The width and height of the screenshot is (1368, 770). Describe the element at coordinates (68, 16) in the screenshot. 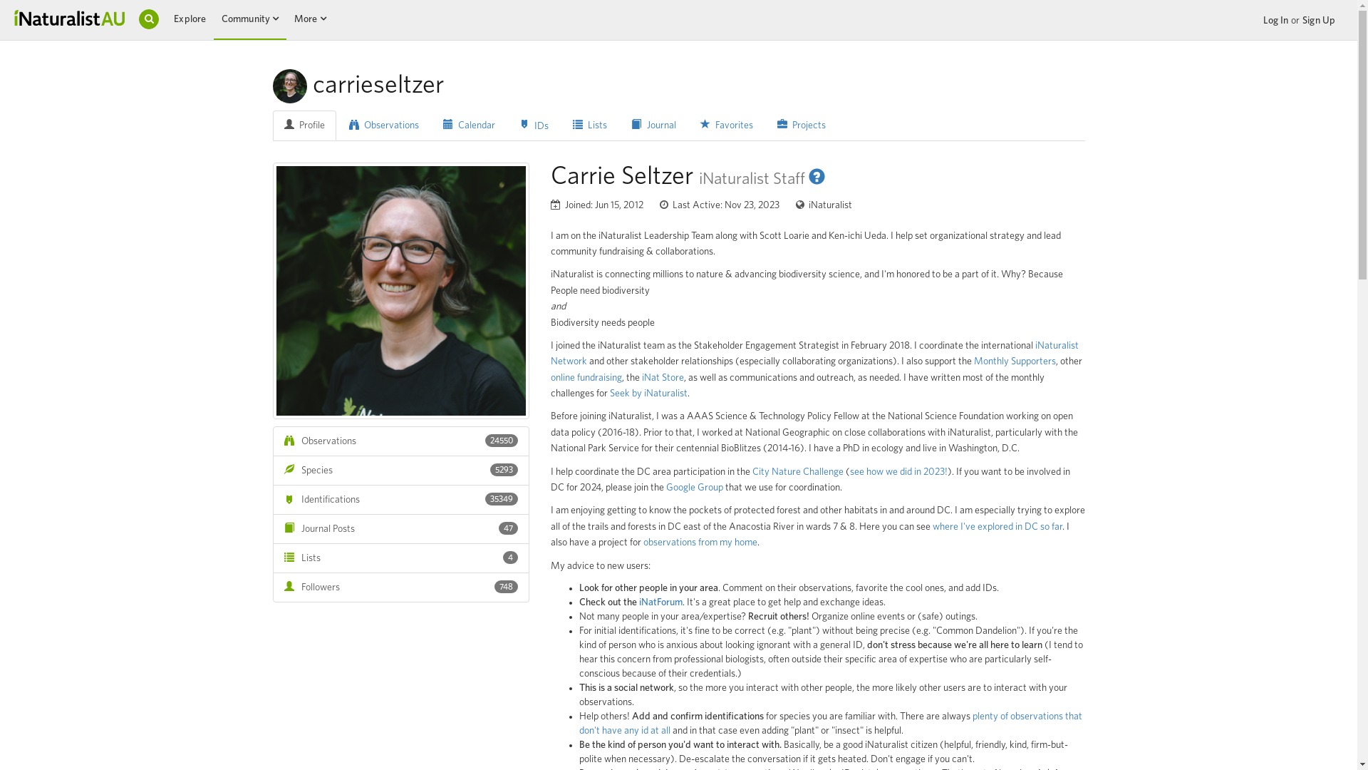

I see `'iNaturalistAU'` at that location.